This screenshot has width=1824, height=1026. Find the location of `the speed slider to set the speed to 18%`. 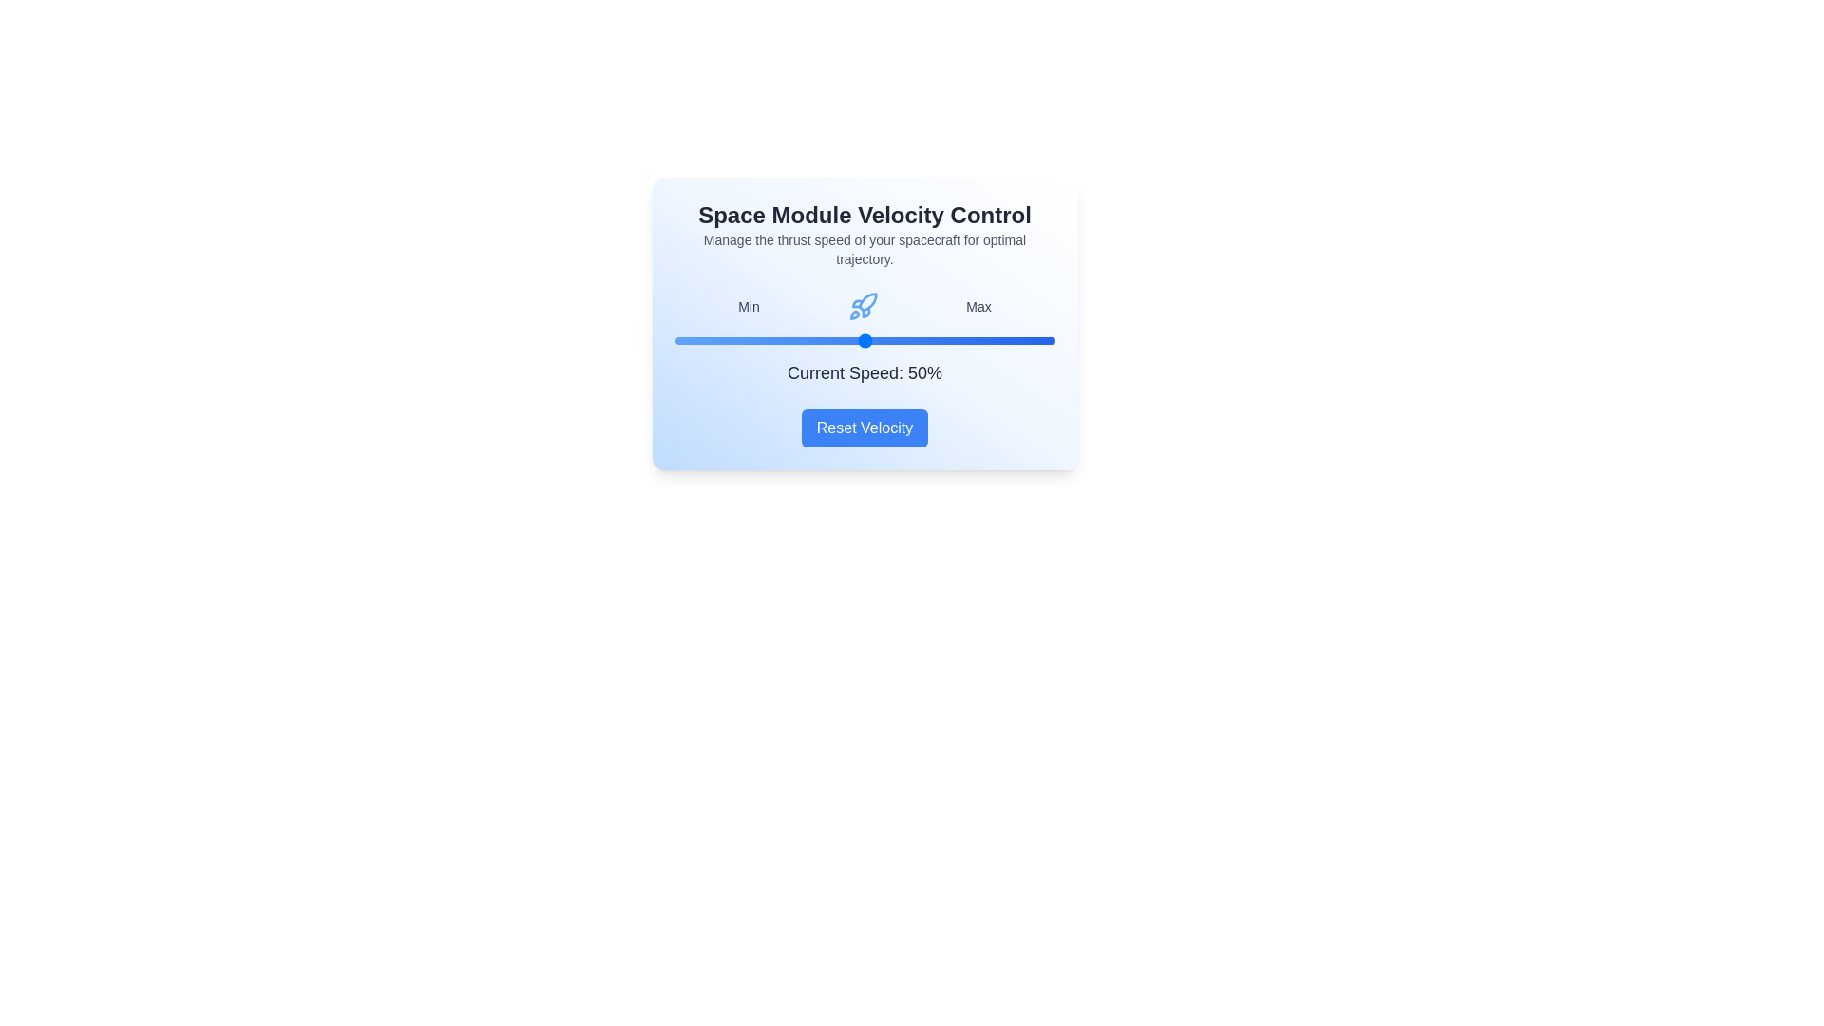

the speed slider to set the speed to 18% is located at coordinates (742, 339).